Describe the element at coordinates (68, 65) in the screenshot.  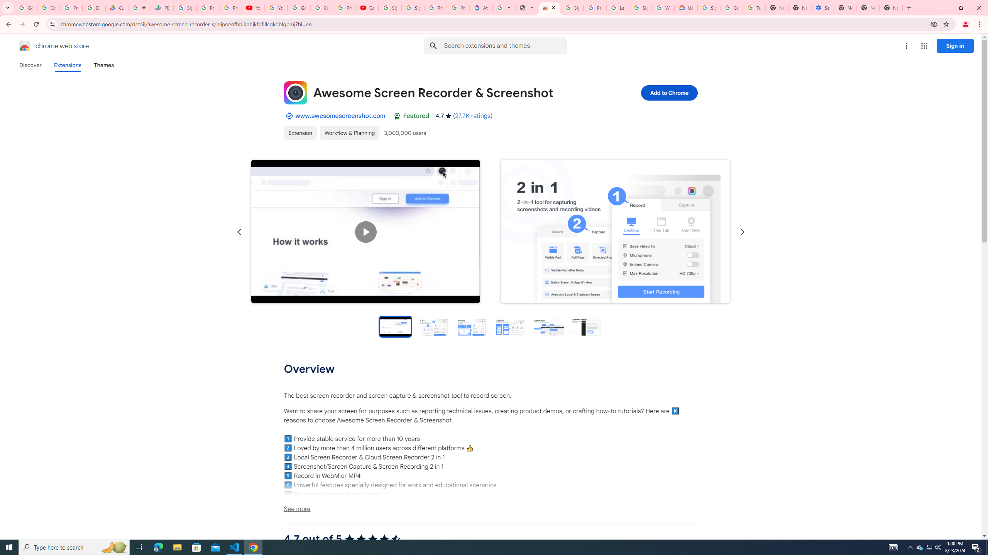
I see `'Extensions'` at that location.